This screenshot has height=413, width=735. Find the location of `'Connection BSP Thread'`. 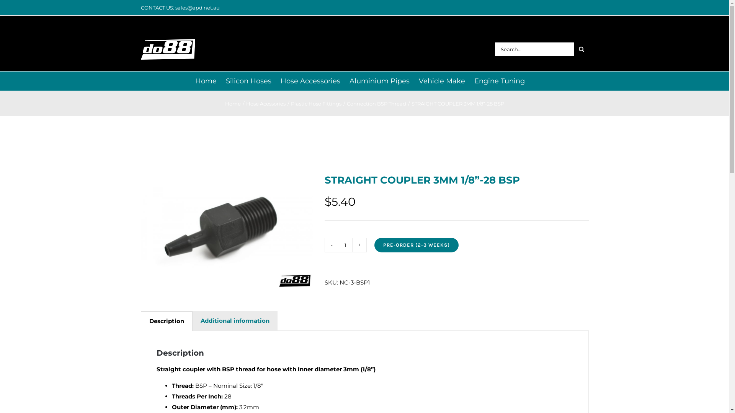

'Connection BSP Thread' is located at coordinates (376, 103).